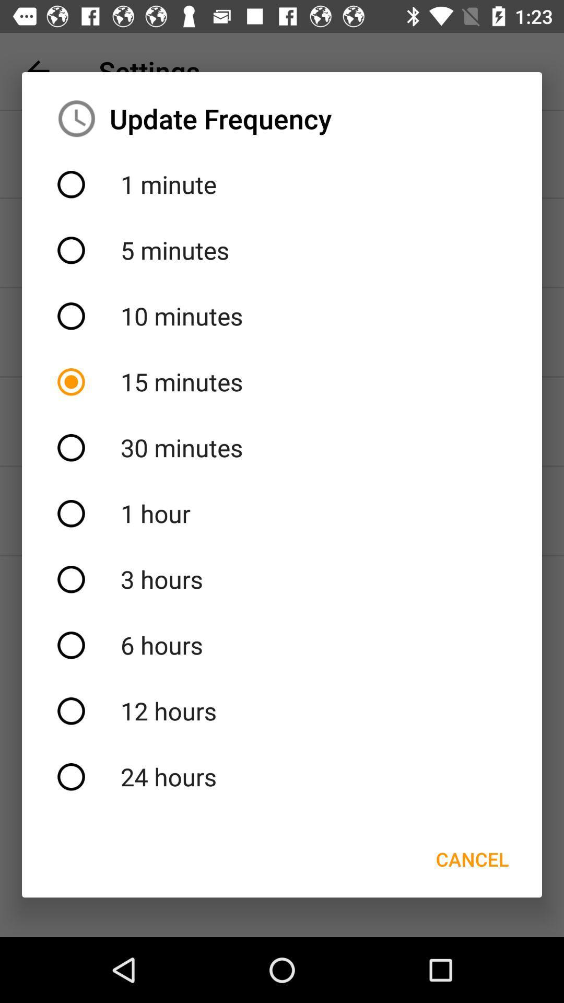  Describe the element at coordinates (282, 710) in the screenshot. I see `the item above 24 hours` at that location.